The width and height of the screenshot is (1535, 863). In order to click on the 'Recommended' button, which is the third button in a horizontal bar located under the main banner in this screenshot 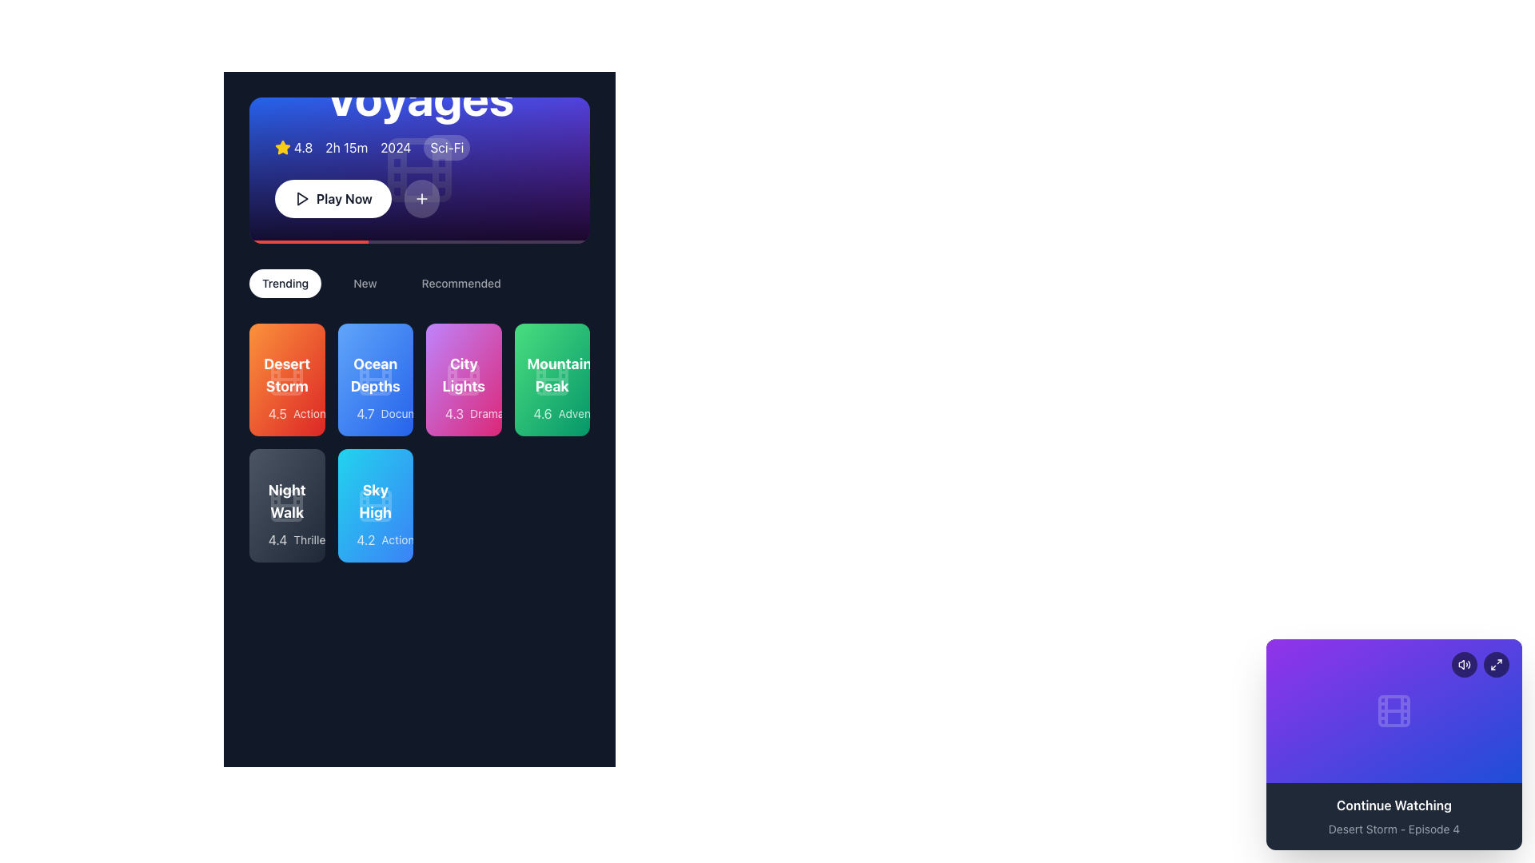, I will do `click(460, 282)`.